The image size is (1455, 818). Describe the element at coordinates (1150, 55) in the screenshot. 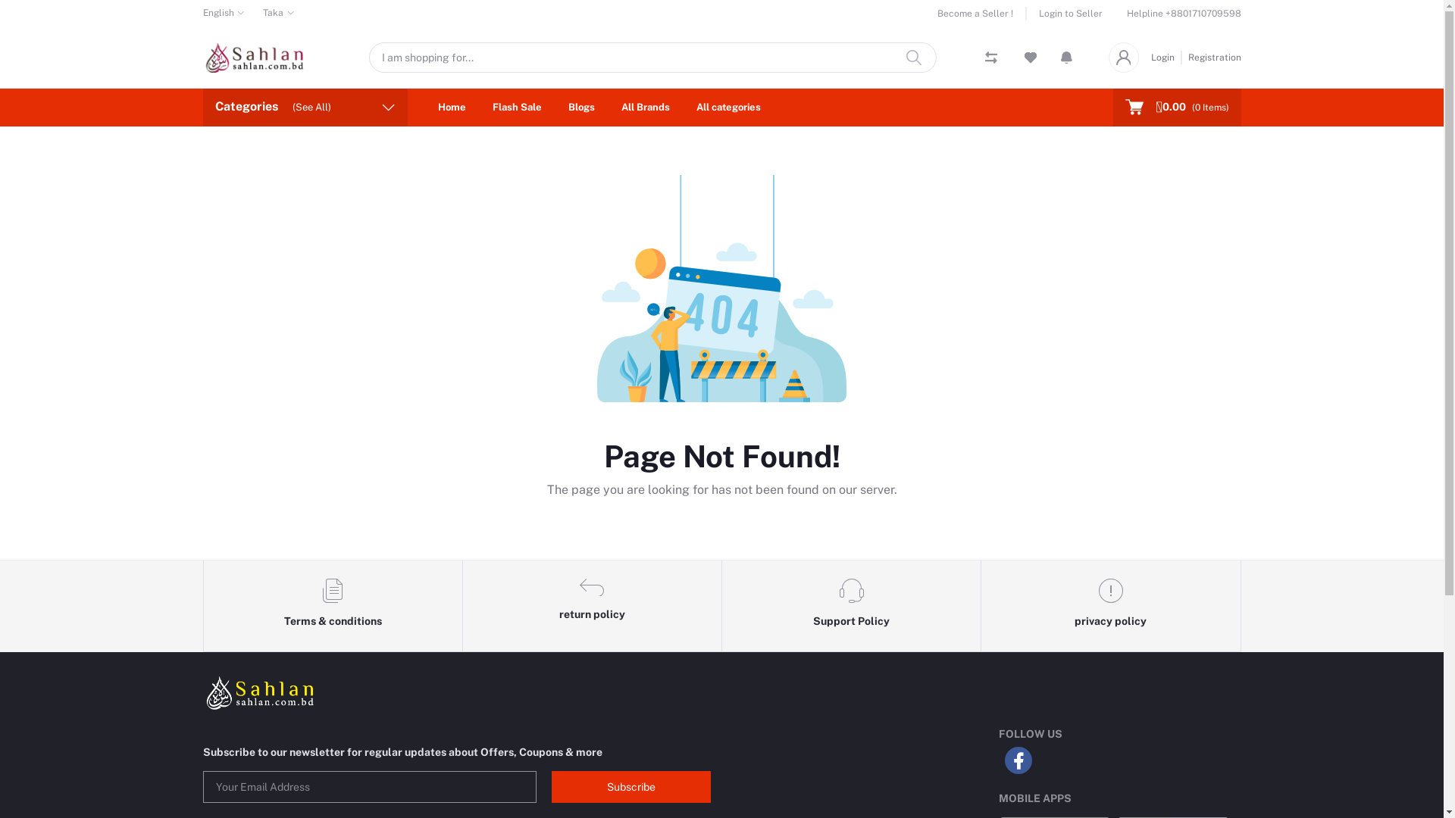

I see `'Login'` at that location.